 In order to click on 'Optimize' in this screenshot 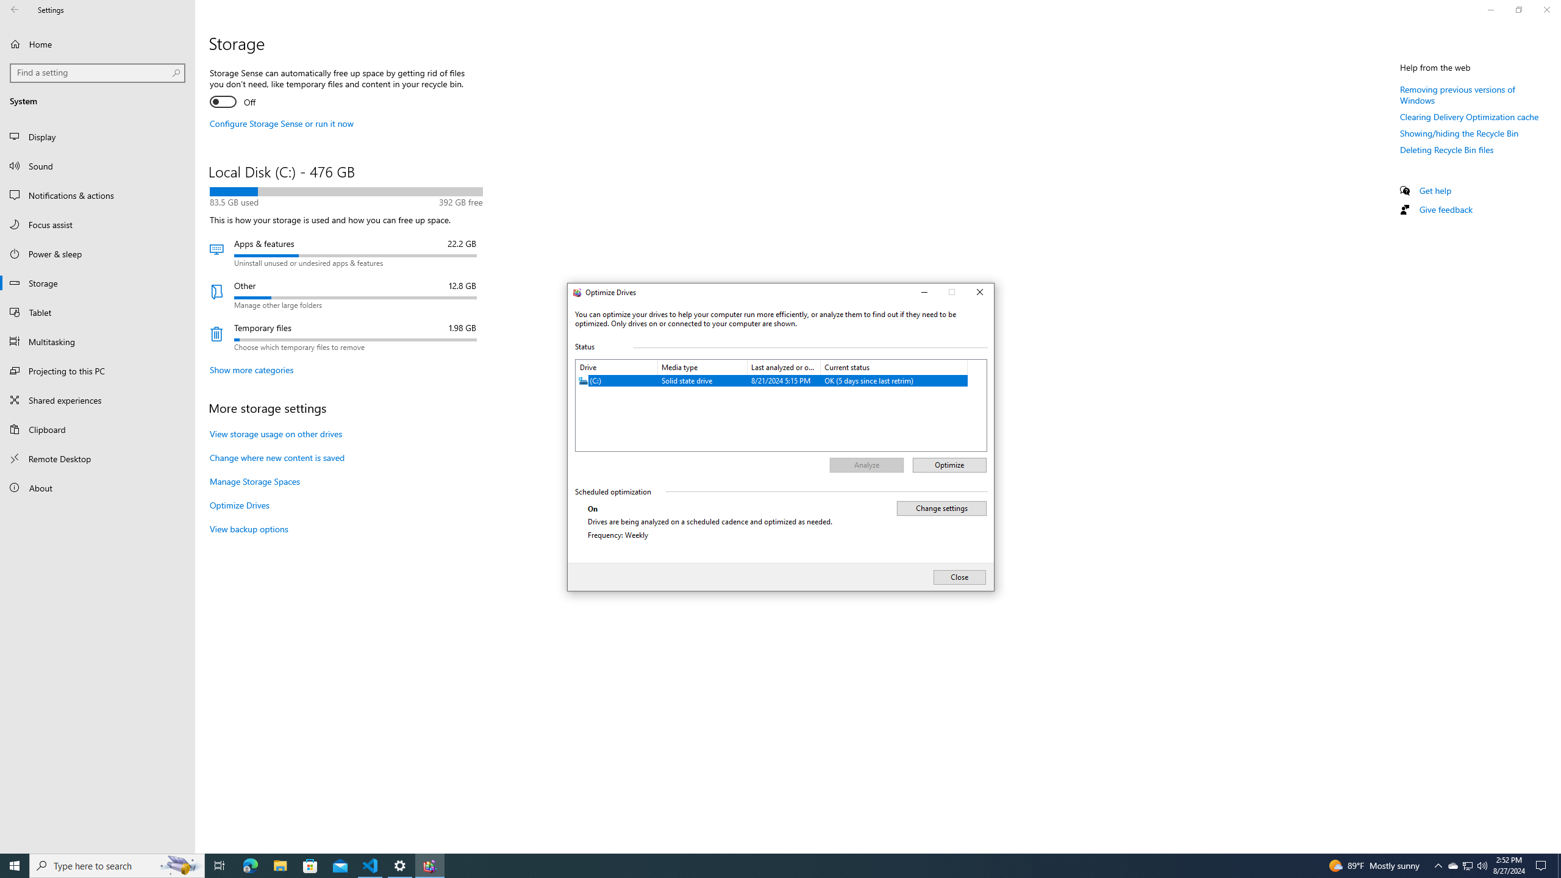, I will do `click(949, 465)`.